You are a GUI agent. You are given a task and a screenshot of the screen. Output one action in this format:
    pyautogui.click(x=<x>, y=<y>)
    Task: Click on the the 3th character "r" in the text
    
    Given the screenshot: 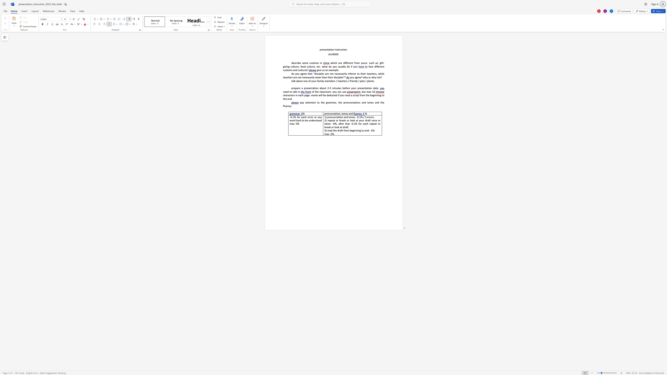 What is the action you would take?
    pyautogui.click(x=345, y=102)
    